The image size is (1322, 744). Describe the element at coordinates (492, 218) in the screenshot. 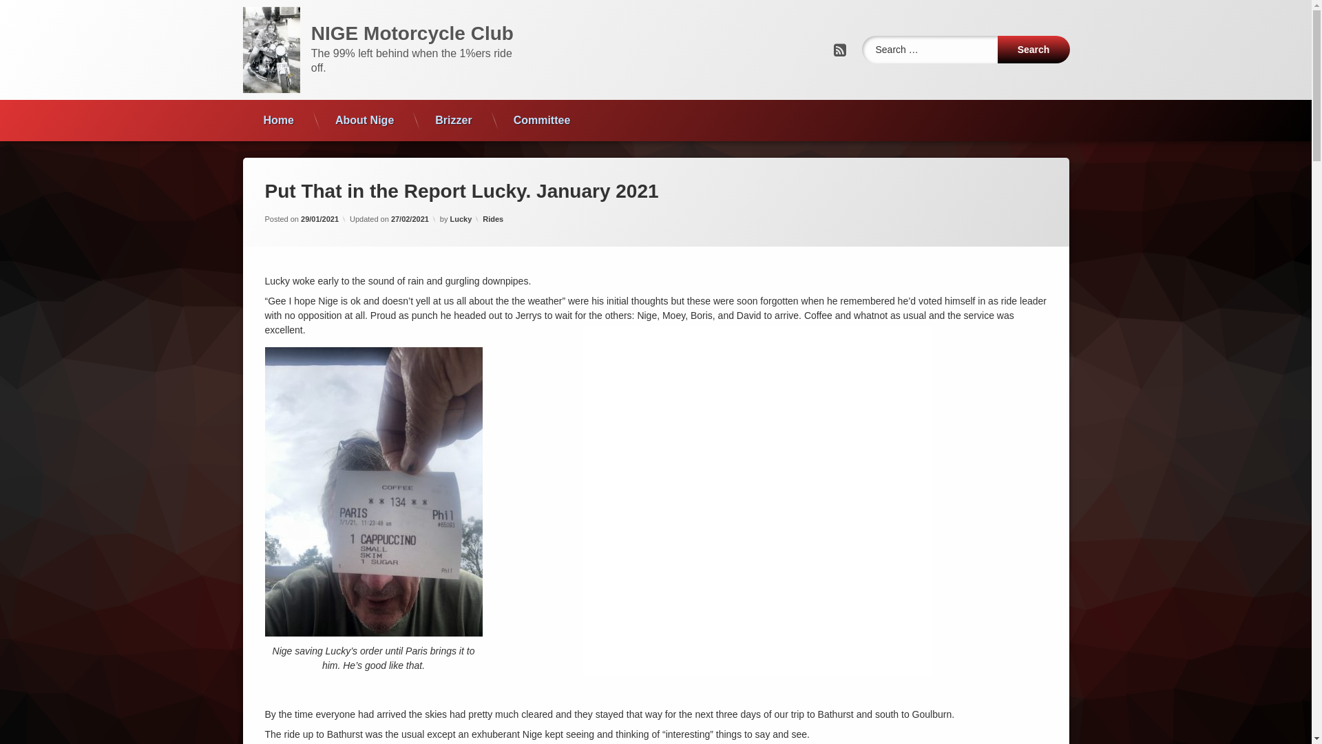

I see `'Rides'` at that location.